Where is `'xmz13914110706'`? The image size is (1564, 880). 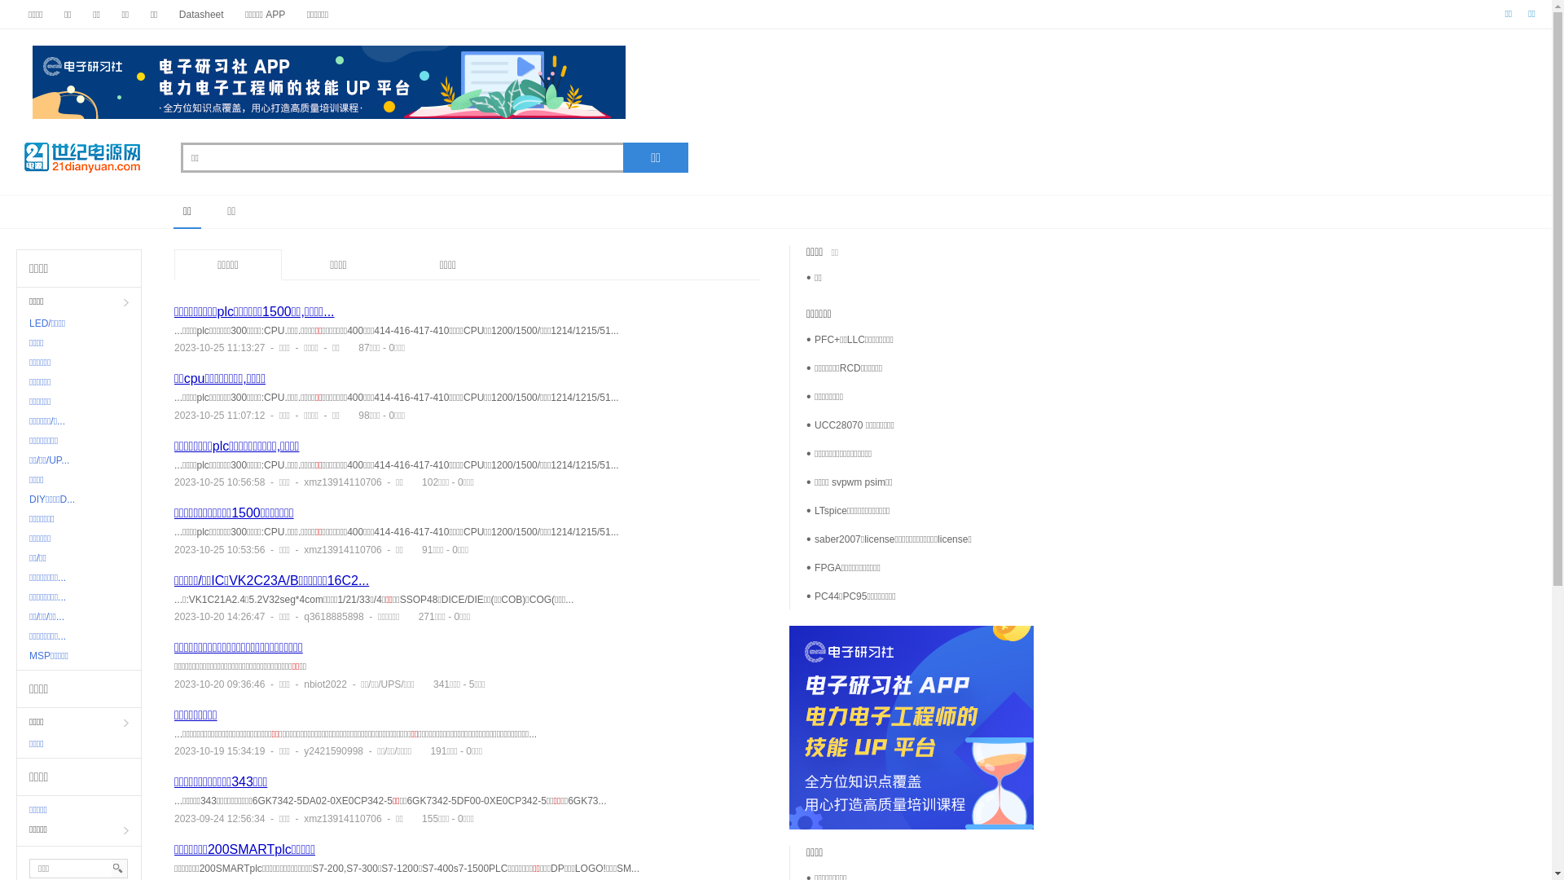
'xmz13914110706' is located at coordinates (341, 481).